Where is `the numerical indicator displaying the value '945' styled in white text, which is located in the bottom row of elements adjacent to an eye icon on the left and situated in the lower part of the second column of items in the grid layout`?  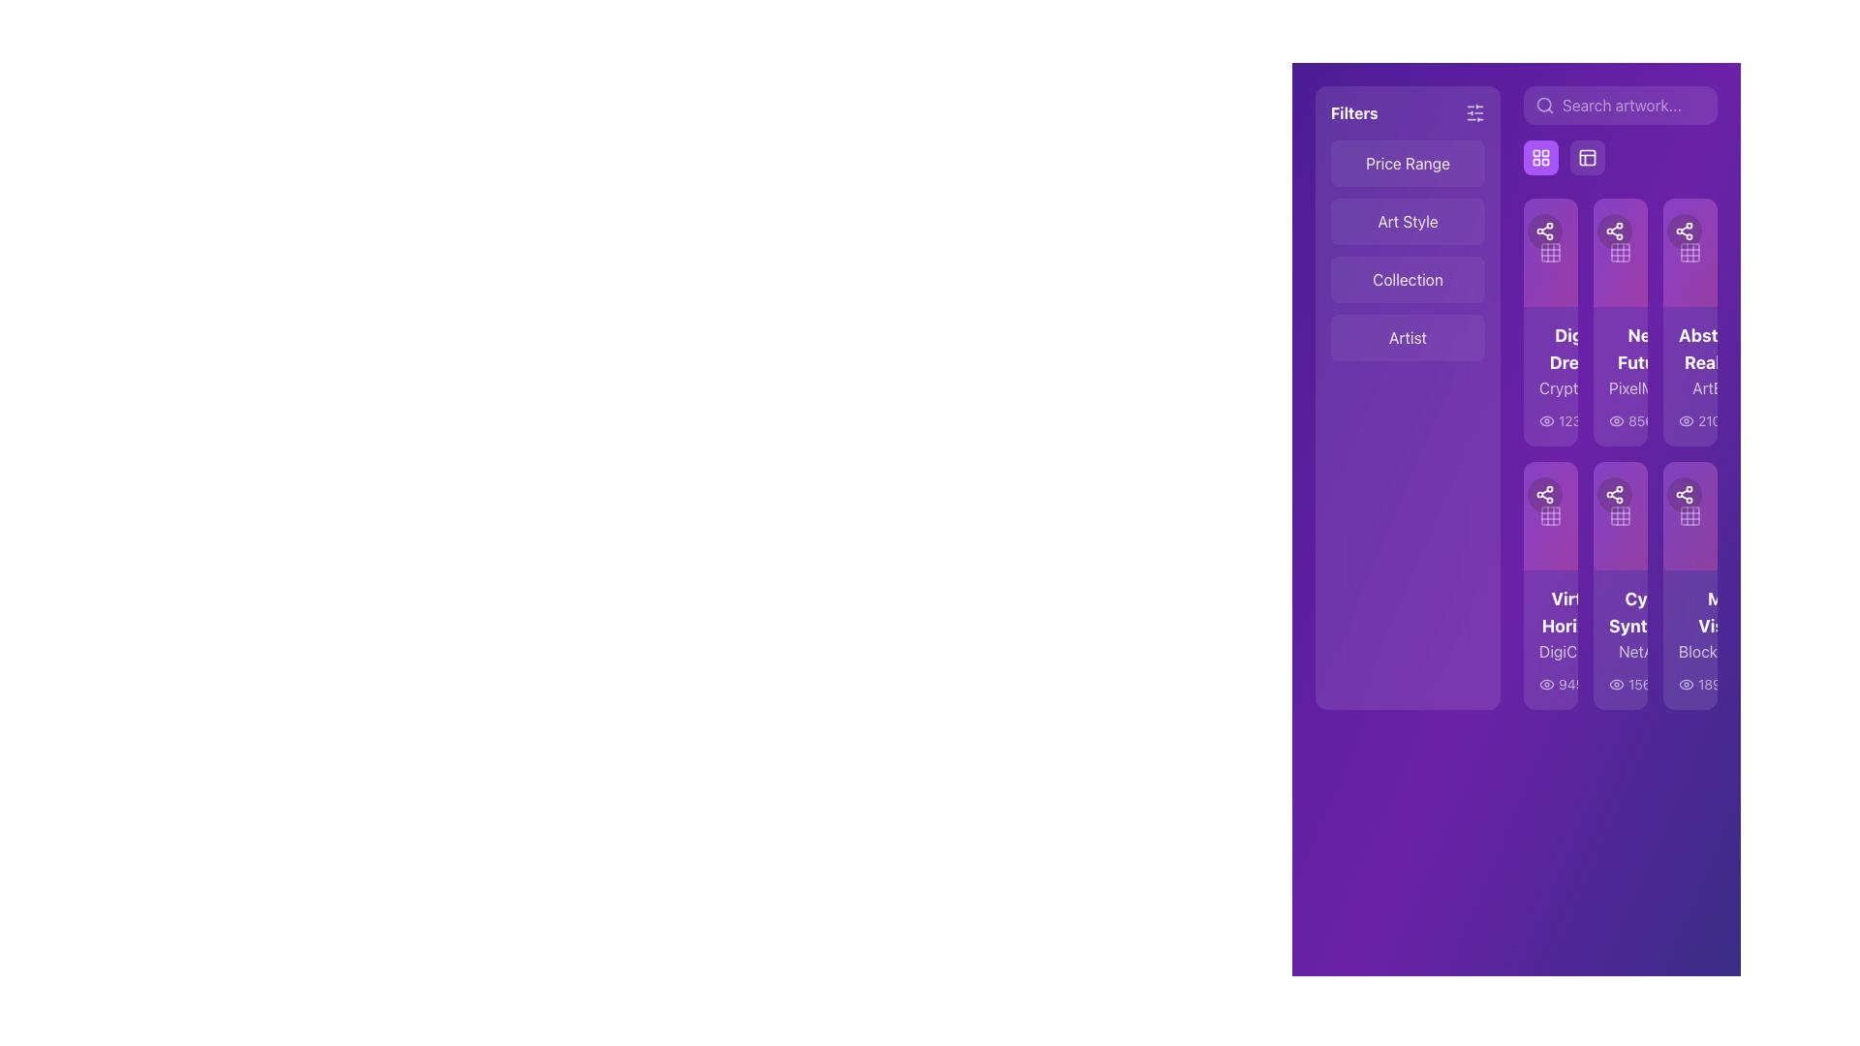 the numerical indicator displaying the value '945' styled in white text, which is located in the bottom row of elements adjacent to an eye icon on the left and situated in the lower part of the second column of items in the grid layout is located at coordinates (1562, 683).